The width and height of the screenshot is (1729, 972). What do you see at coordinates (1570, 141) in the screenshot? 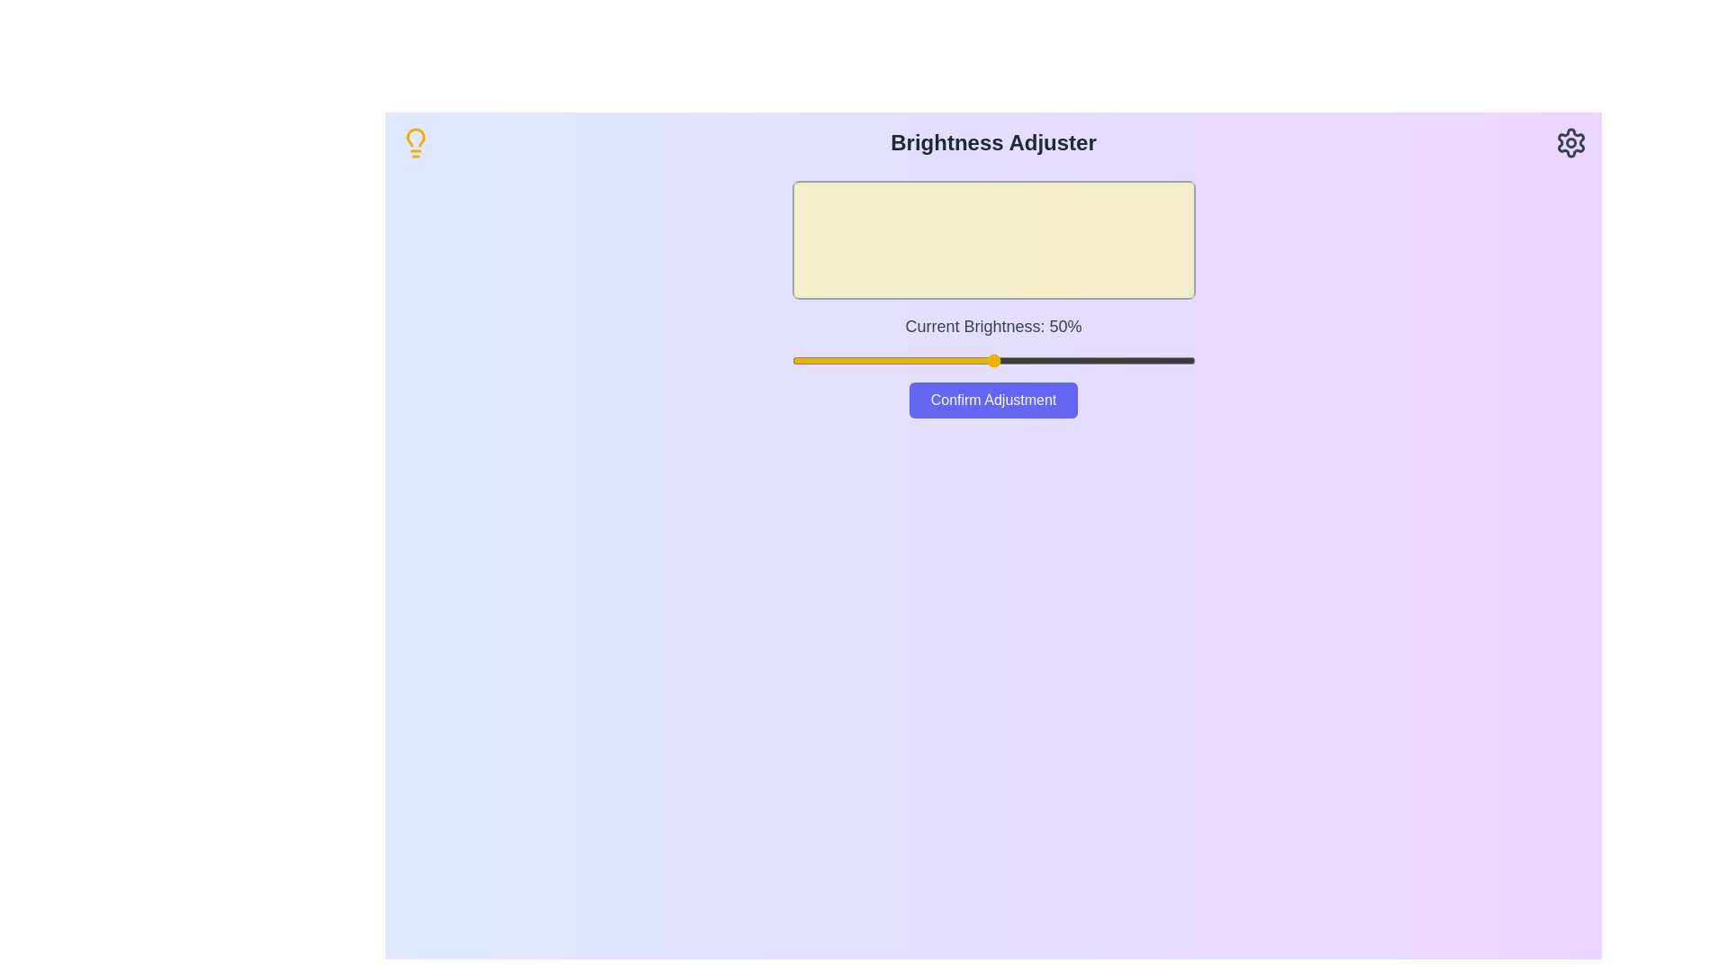
I see `the settings icon in the header` at bounding box center [1570, 141].